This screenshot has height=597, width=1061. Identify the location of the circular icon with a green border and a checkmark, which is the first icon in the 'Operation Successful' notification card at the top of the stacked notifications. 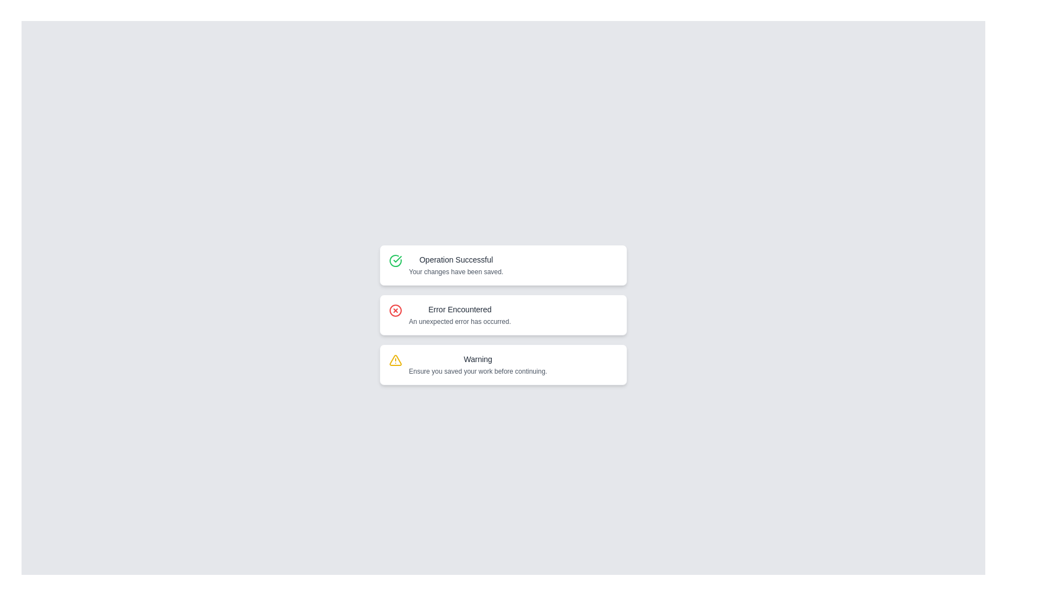
(395, 260).